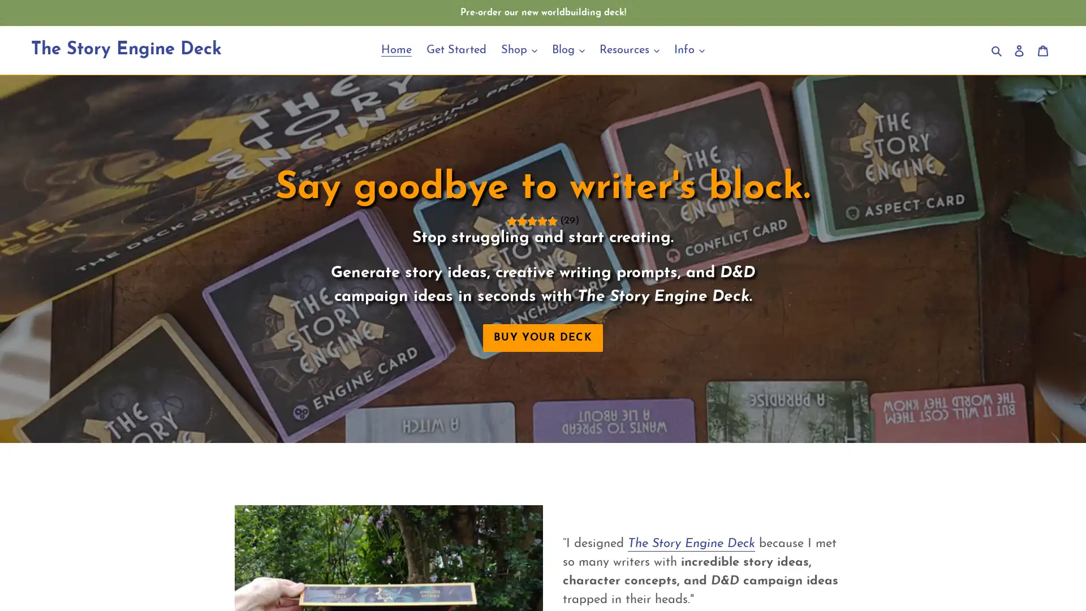 This screenshot has height=611, width=1086. I want to click on Search, so click(997, 49).